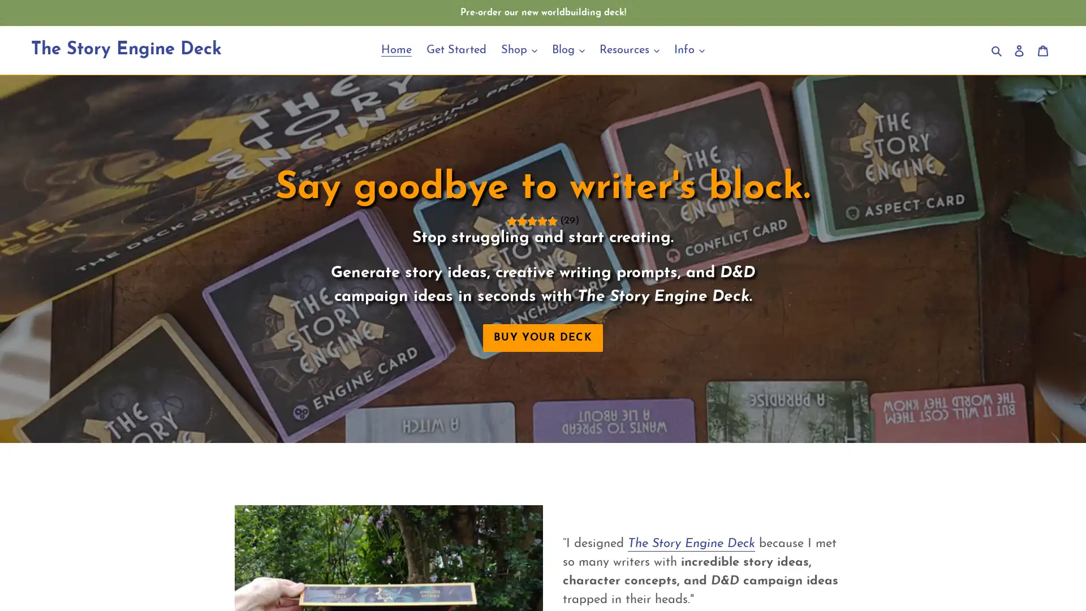 This screenshot has height=611, width=1086. I want to click on Search, so click(997, 49).